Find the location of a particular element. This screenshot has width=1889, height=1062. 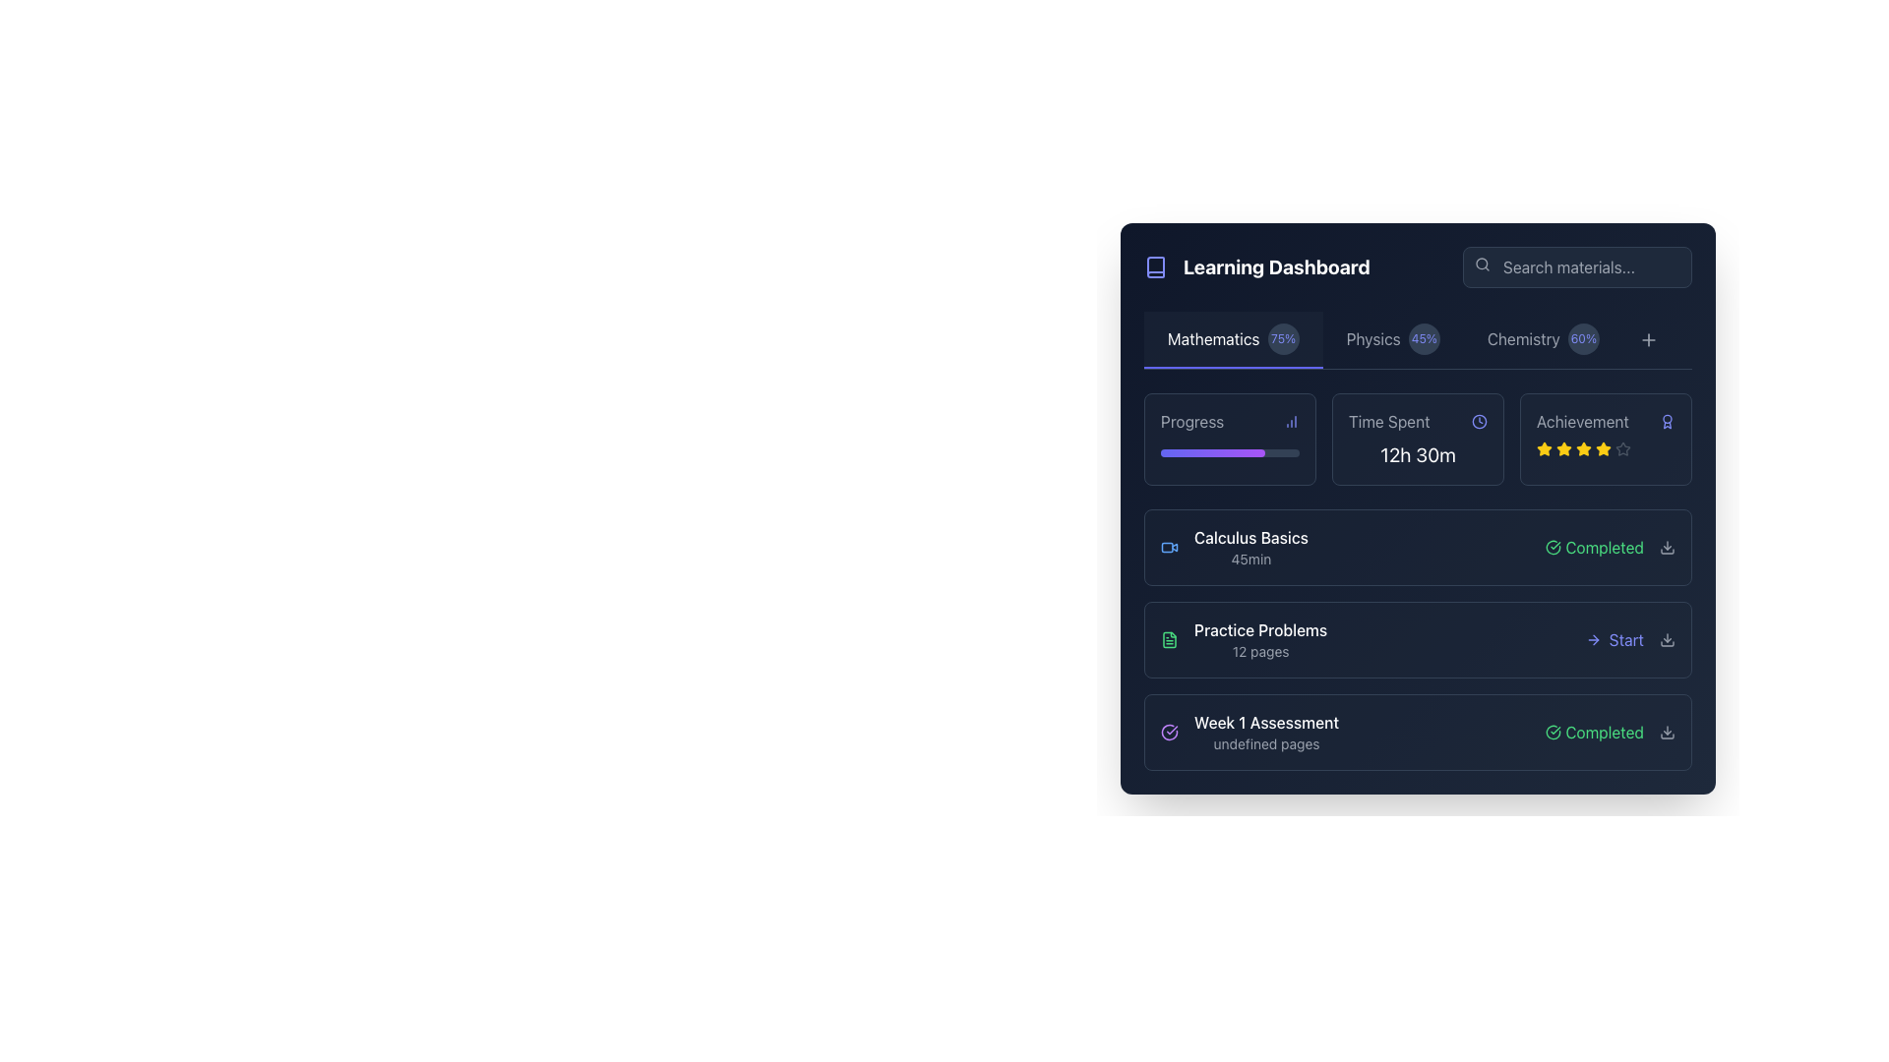

the informational label with an icon located in the top-right section of the dashboard, positioned to the right of the 'Time Spent' section and above the star ratings is located at coordinates (1606, 420).